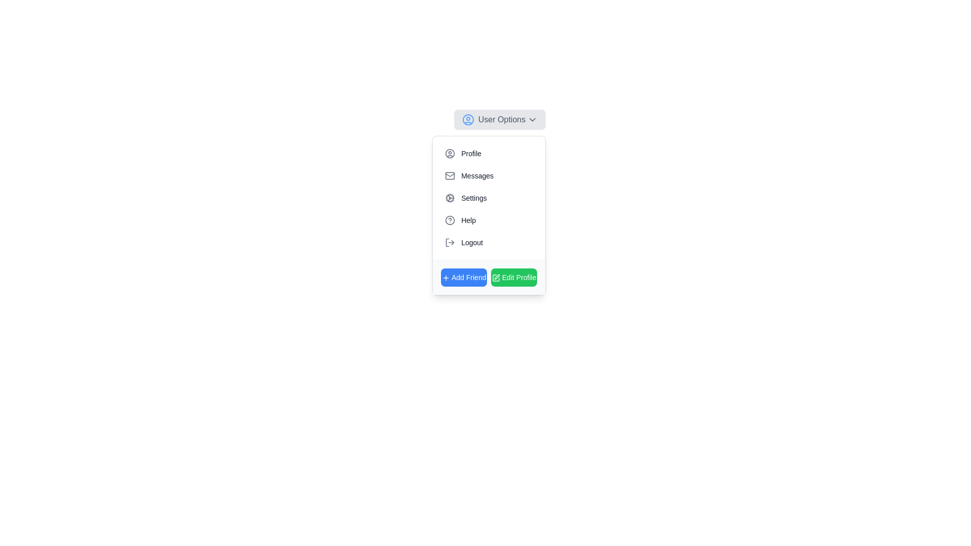 The height and width of the screenshot is (546, 971). Describe the element at coordinates (489, 175) in the screenshot. I see `the 'Messages' button, which is a text button with an envelope icon, located in the second row of the vertical menu list under the 'User Options' dropdown, following the 'Profile' option and preceding the 'Settings' option` at that location.